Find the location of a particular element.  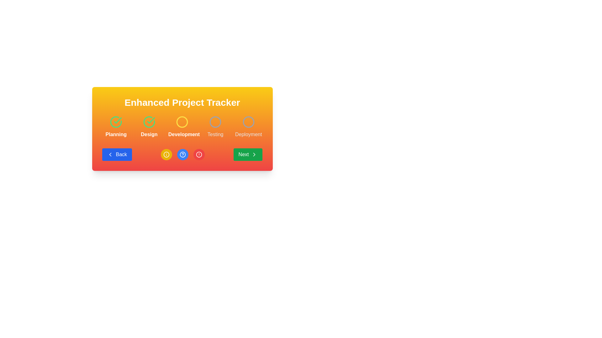

the navigational button on the left side of the row under the title 'Enhanced Project Tracker' is located at coordinates (117, 154).